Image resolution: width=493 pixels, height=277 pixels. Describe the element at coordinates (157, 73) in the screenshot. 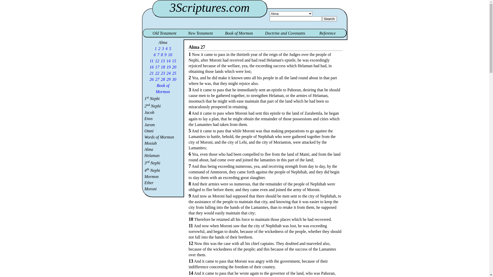

I see `'22'` at that location.